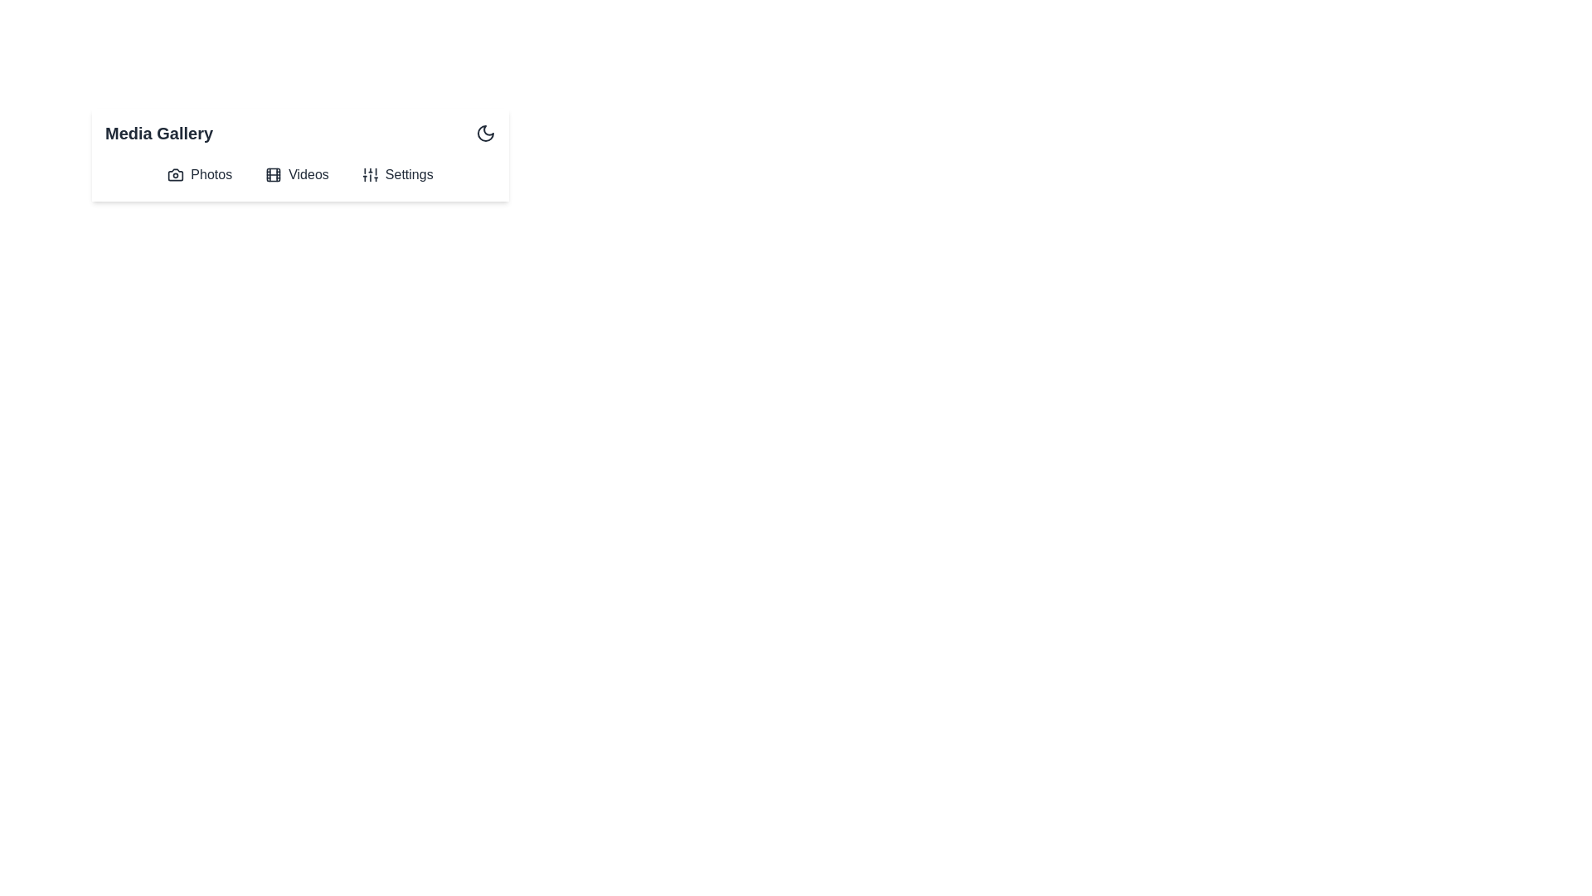 This screenshot has width=1592, height=896. Describe the element at coordinates (199, 175) in the screenshot. I see `the Photos button to open the Photos view` at that location.